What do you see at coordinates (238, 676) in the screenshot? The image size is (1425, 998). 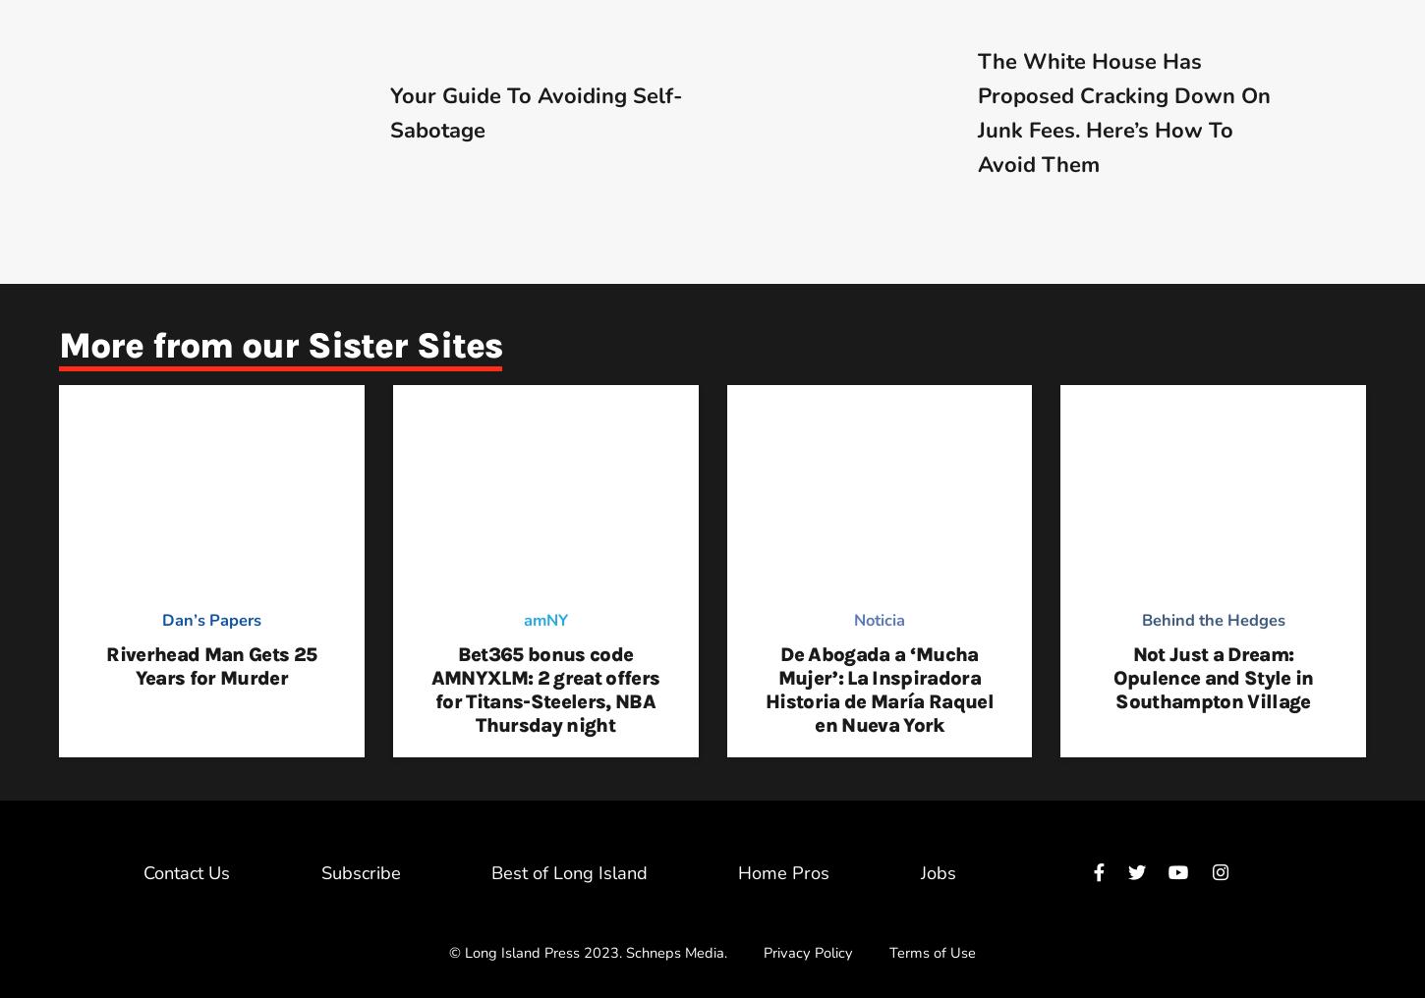 I see `'for Murder'` at bounding box center [238, 676].